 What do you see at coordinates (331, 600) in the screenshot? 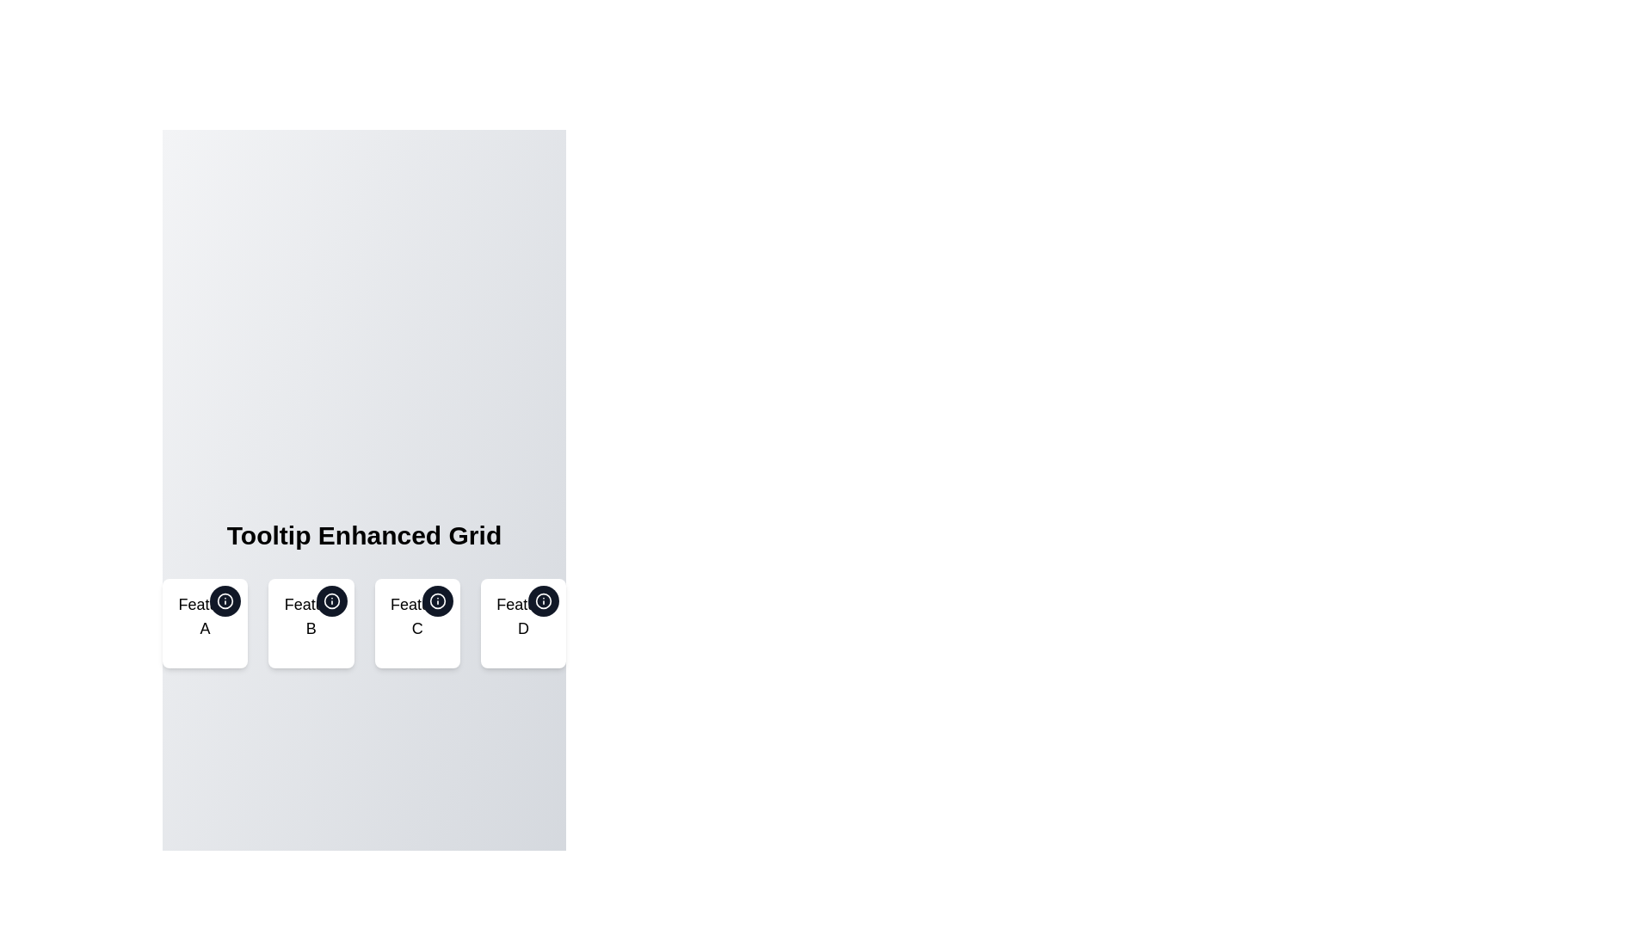
I see `the informational icon (SVG format) located in the second card labeled 'Feat B'` at bounding box center [331, 600].